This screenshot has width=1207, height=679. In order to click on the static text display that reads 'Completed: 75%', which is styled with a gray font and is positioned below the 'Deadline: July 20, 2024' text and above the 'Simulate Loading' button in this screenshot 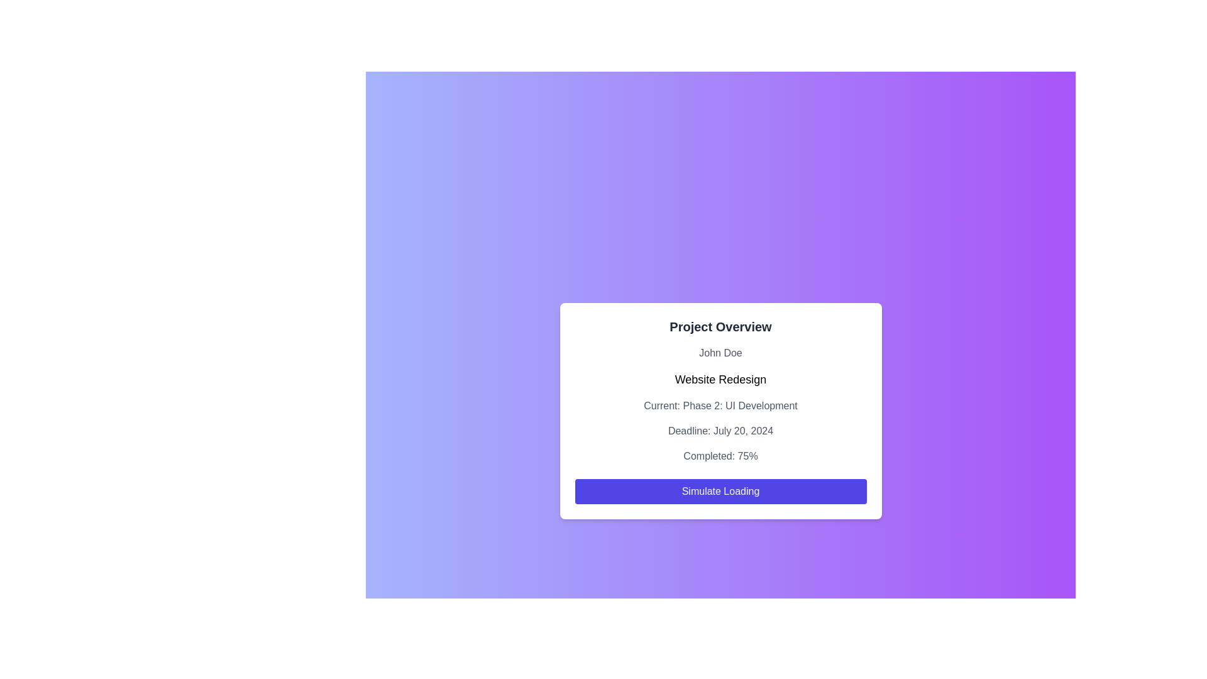, I will do `click(720, 456)`.